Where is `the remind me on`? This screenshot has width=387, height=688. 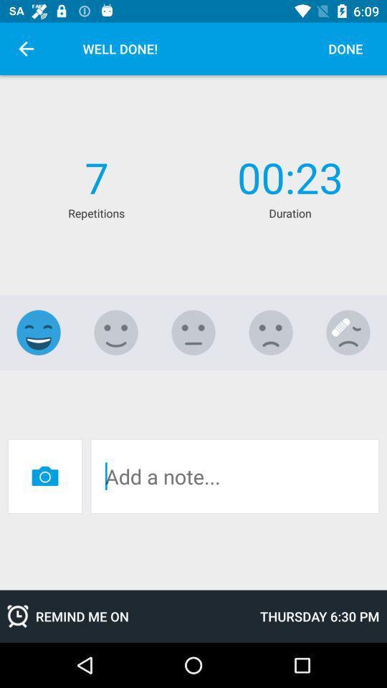
the remind me on is located at coordinates (126, 616).